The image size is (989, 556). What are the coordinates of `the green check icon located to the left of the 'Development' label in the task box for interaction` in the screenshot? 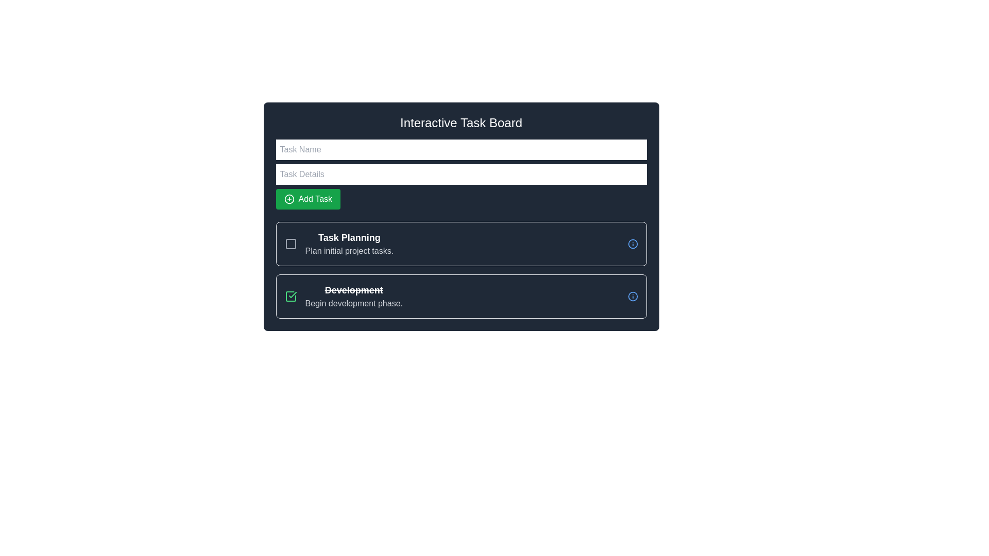 It's located at (292, 295).